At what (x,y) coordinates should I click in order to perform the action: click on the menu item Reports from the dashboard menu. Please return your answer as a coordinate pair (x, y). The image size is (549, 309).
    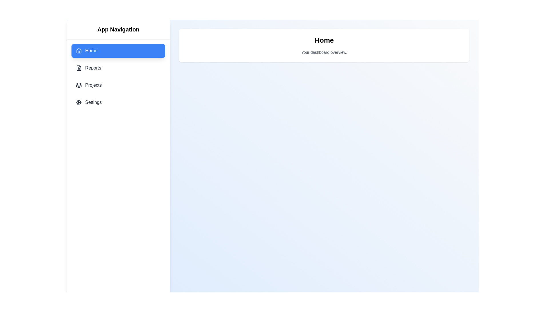
    Looking at the image, I should click on (118, 68).